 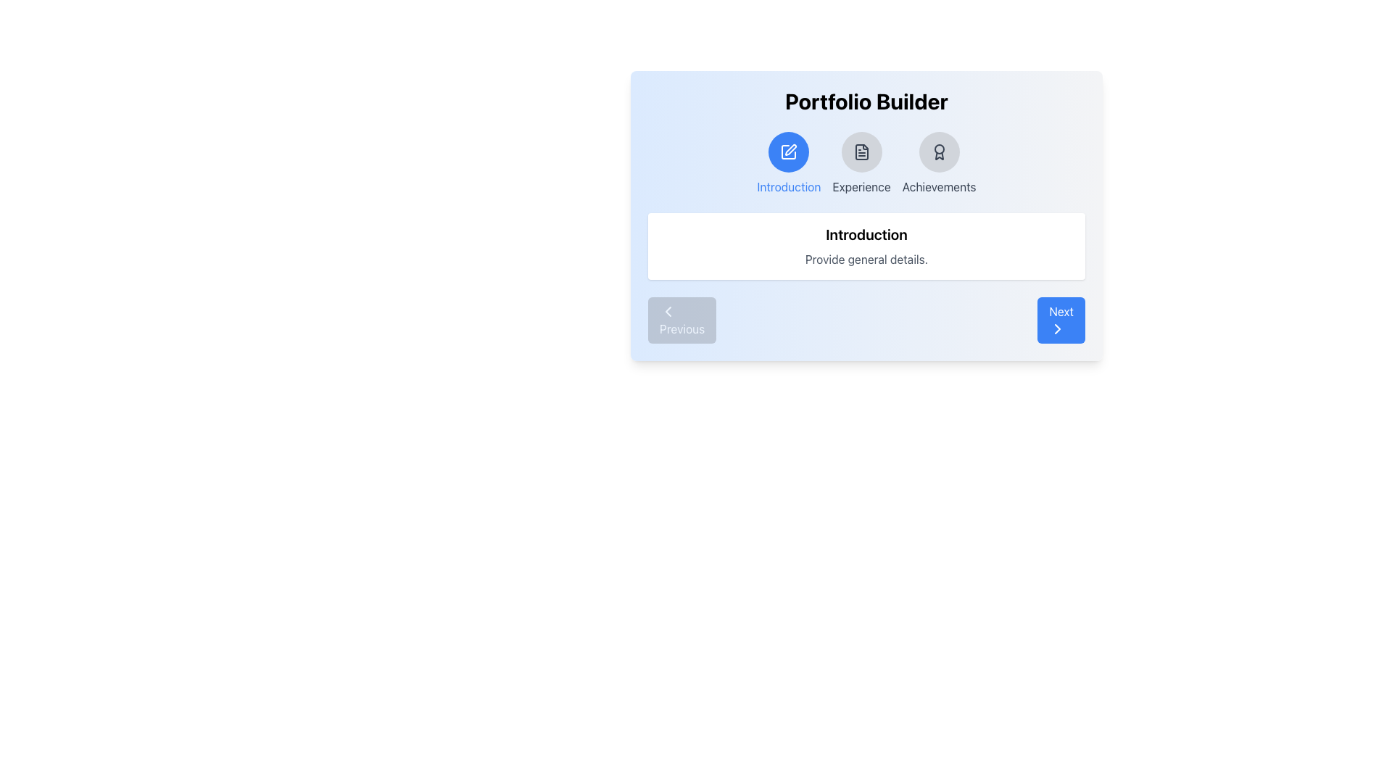 What do you see at coordinates (861, 152) in the screenshot?
I see `the 'Experience' section icon located in the second circular icon from the left in the navigation bar beneath the 'Portfolio Builder' header` at bounding box center [861, 152].